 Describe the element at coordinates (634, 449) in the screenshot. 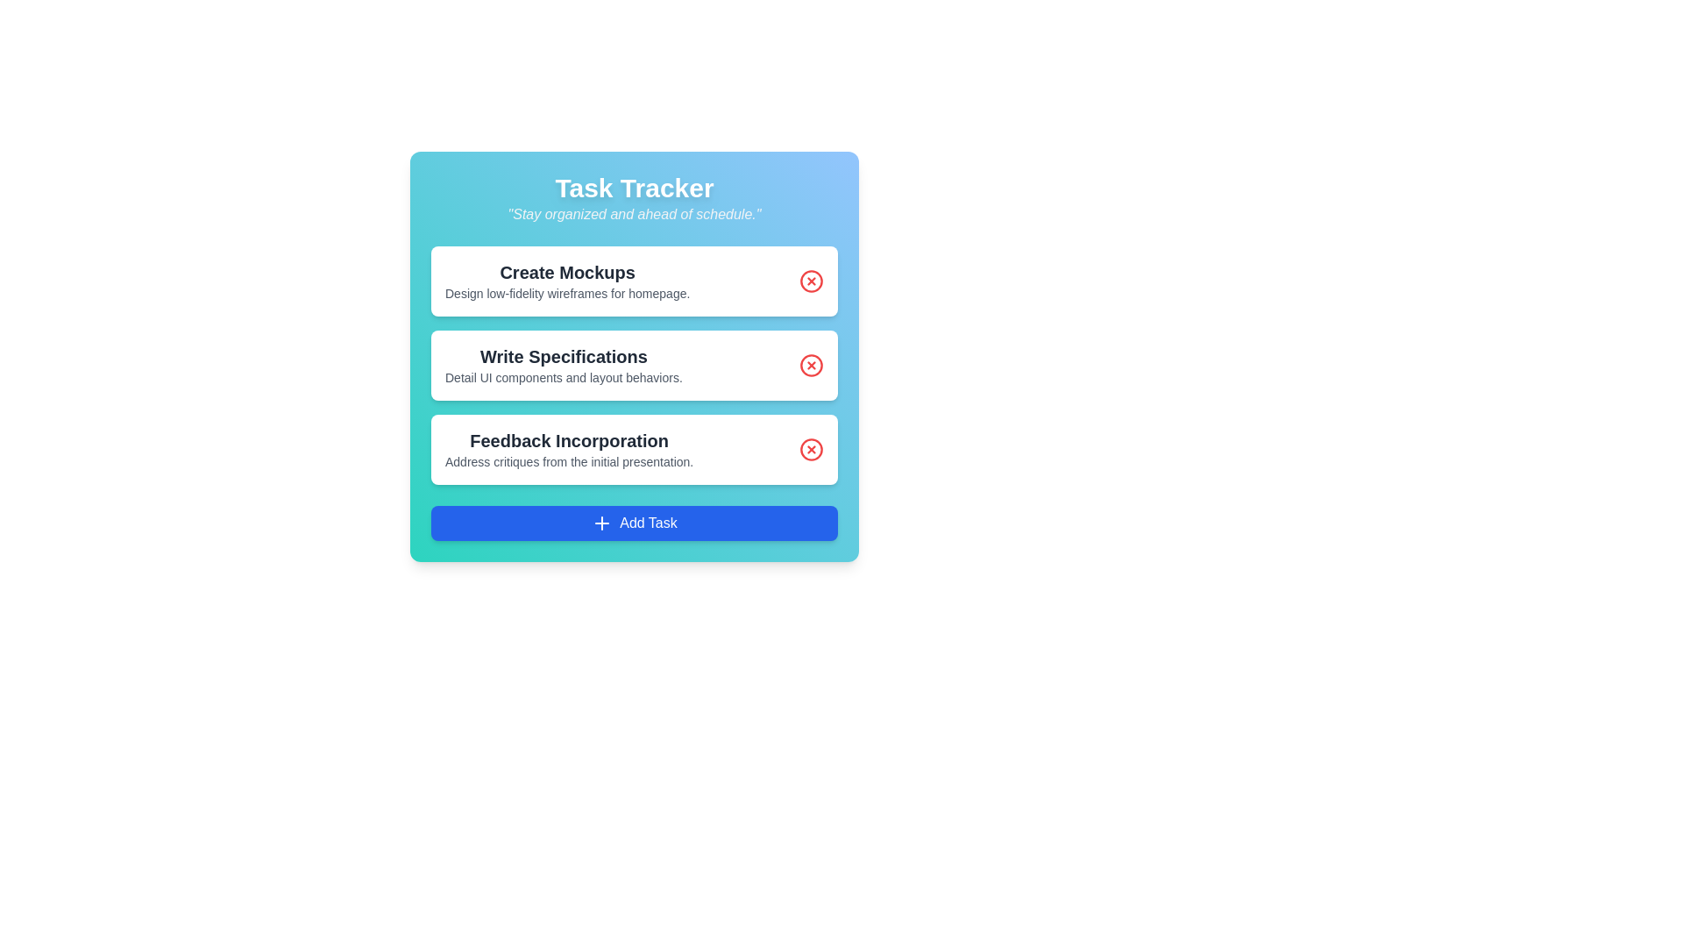

I see `the task titled 'Feedback Incorporation' to read its details` at that location.